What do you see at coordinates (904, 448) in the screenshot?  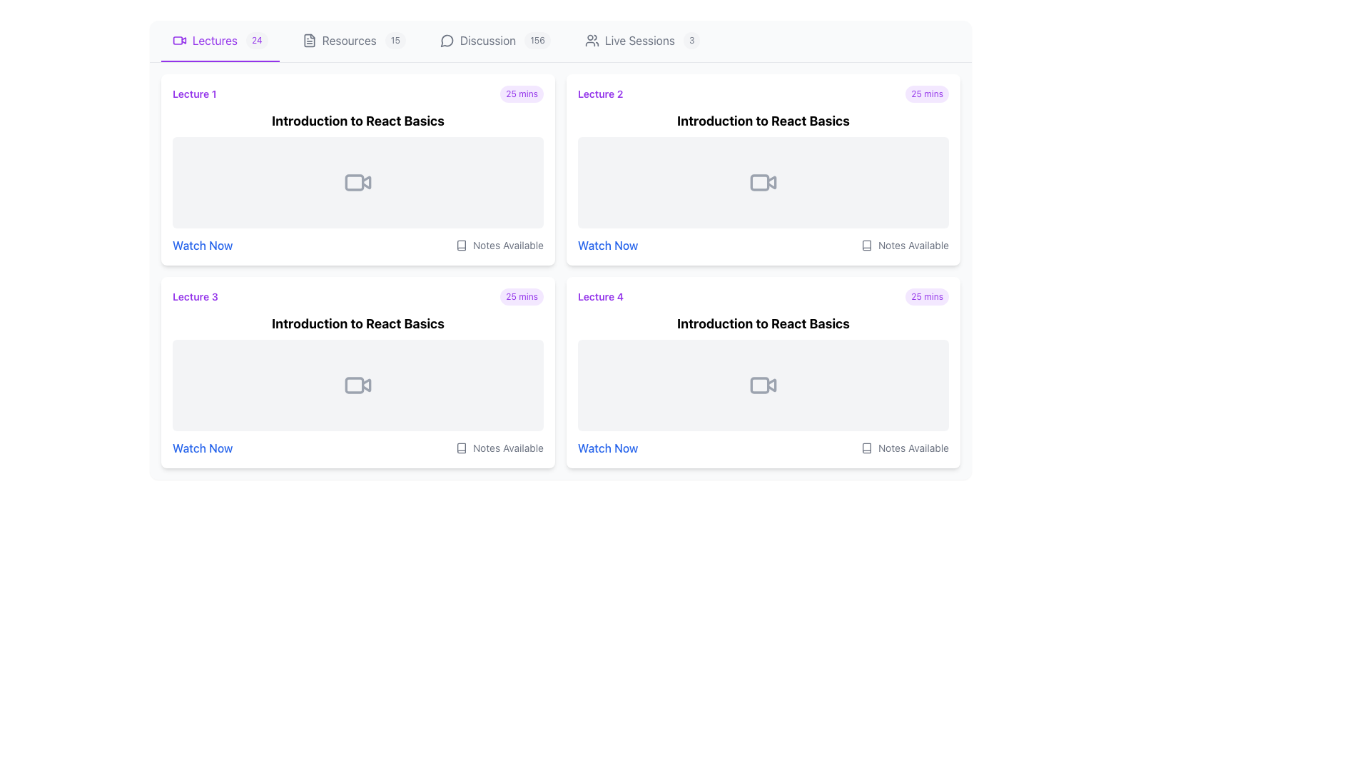 I see `label of the Labeled indicator with an icon and text, which indicates the availability of notes for the associated content, located in the bottom-right corner of the card beneath the 'Watch Now' link` at bounding box center [904, 448].